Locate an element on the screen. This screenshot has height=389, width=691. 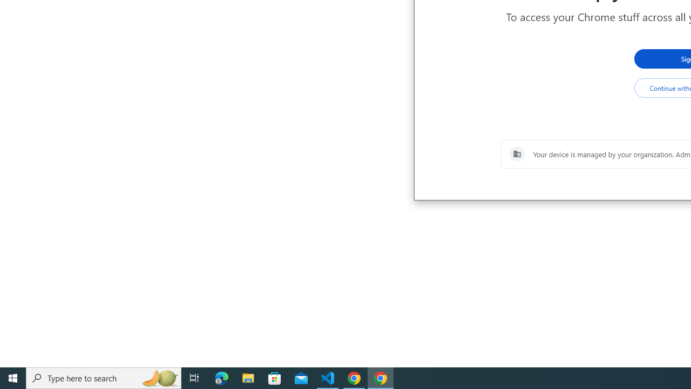
'Task View' is located at coordinates (194, 377).